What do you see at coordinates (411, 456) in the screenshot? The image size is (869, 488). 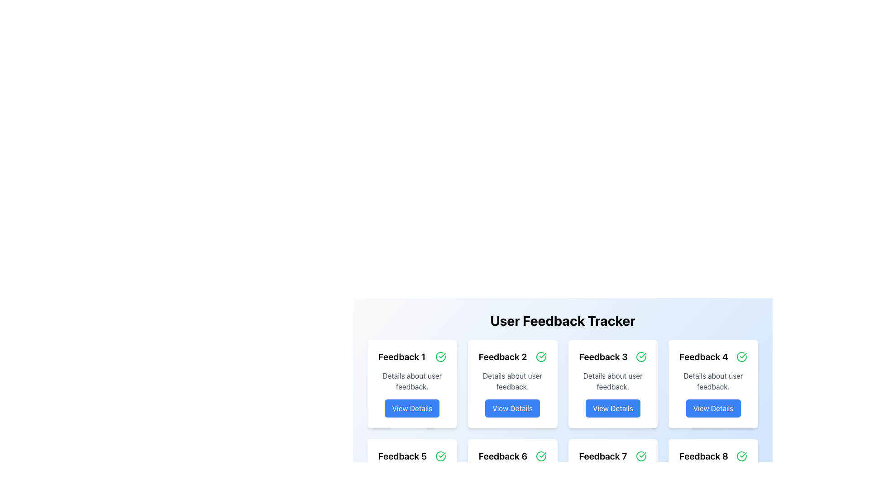 I see `the Label with an icon that indicates the feedback number and status, specifically the title of the feedback tile labeled 'Feedback 5', located in the second row, first column of the feedback grid` at bounding box center [411, 456].